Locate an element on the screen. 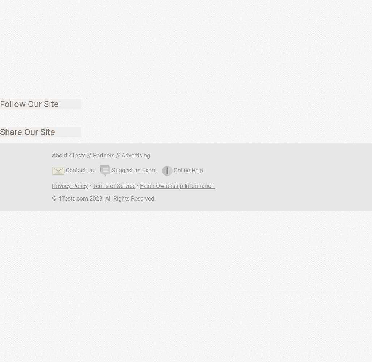 Image resolution: width=372 pixels, height=362 pixels. 'About 4Tests' is located at coordinates (69, 155).